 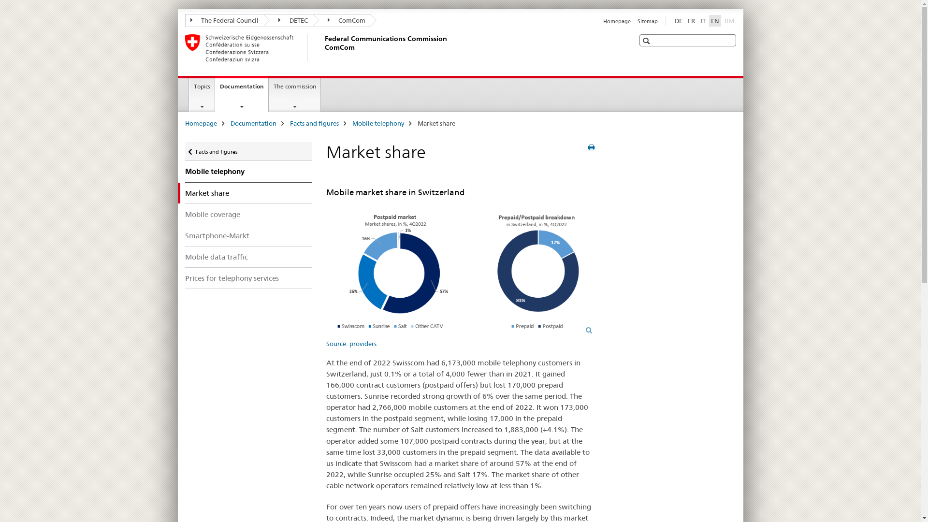 What do you see at coordinates (185, 214) in the screenshot?
I see `'Mobile coverage'` at bounding box center [185, 214].